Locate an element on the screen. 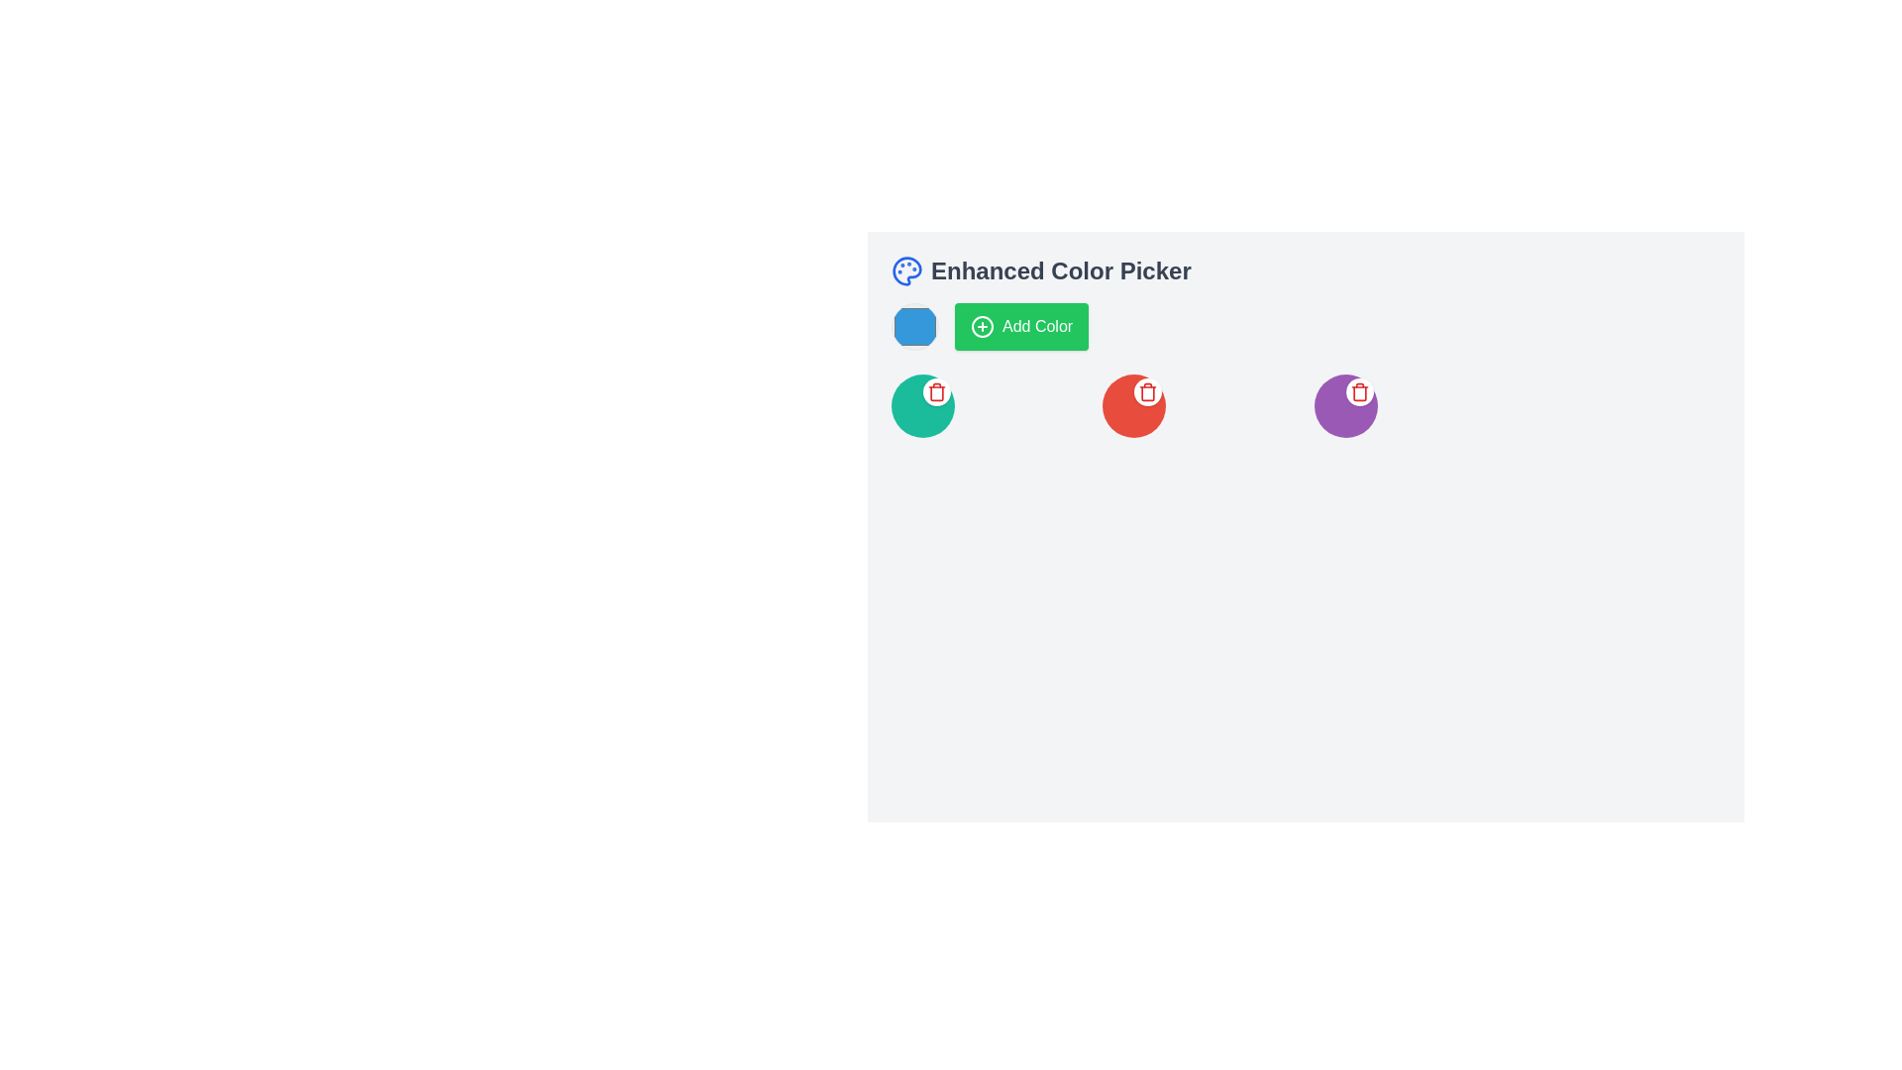 Image resolution: width=1902 pixels, height=1070 pixels. the second circular color option with a delete action, which is positioned between a green circle and a purple circle in the Enhanced Color Picker interface is located at coordinates (1134, 404).